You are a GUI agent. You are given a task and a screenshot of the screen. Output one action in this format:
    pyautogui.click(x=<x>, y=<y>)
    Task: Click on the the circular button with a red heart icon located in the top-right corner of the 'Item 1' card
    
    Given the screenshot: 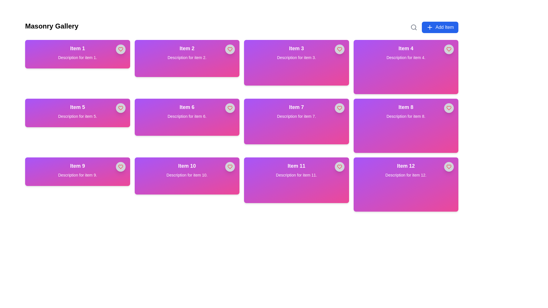 What is the action you would take?
    pyautogui.click(x=120, y=49)
    